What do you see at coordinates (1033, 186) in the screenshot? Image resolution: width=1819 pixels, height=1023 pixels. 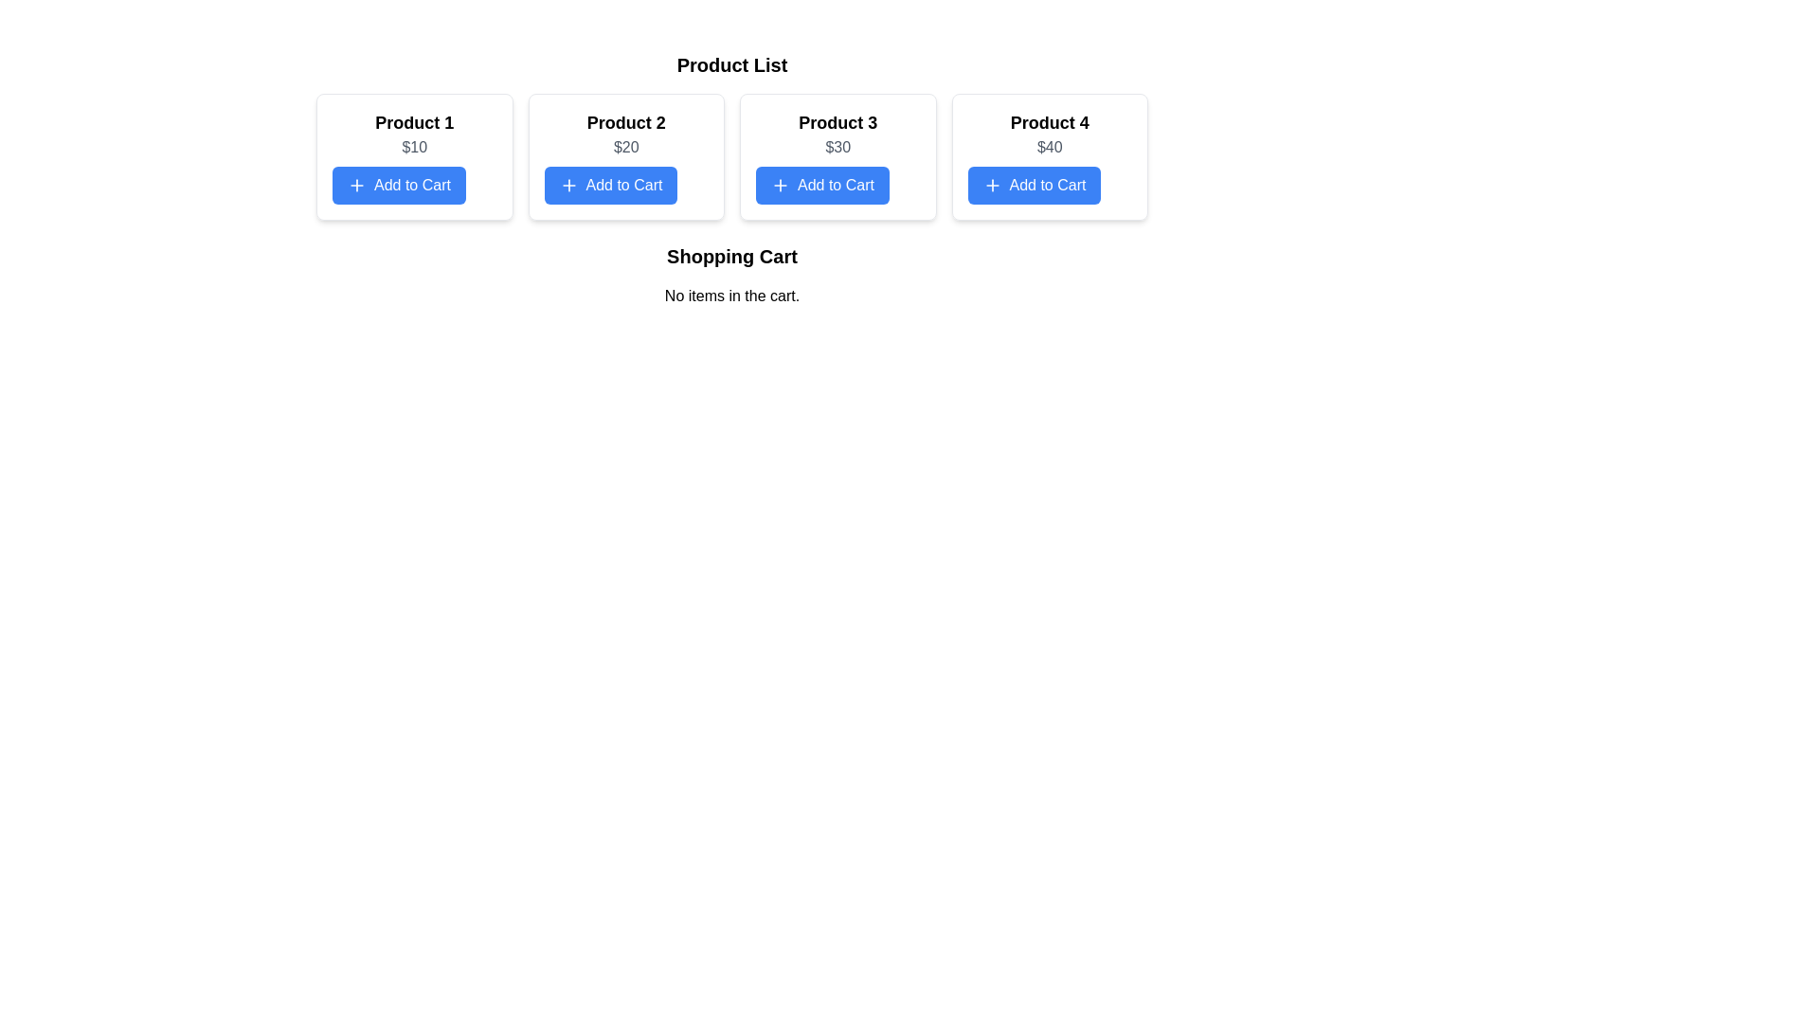 I see `the 'Add to Cart' button located in the lower section of the 'Product 4' card` at bounding box center [1033, 186].